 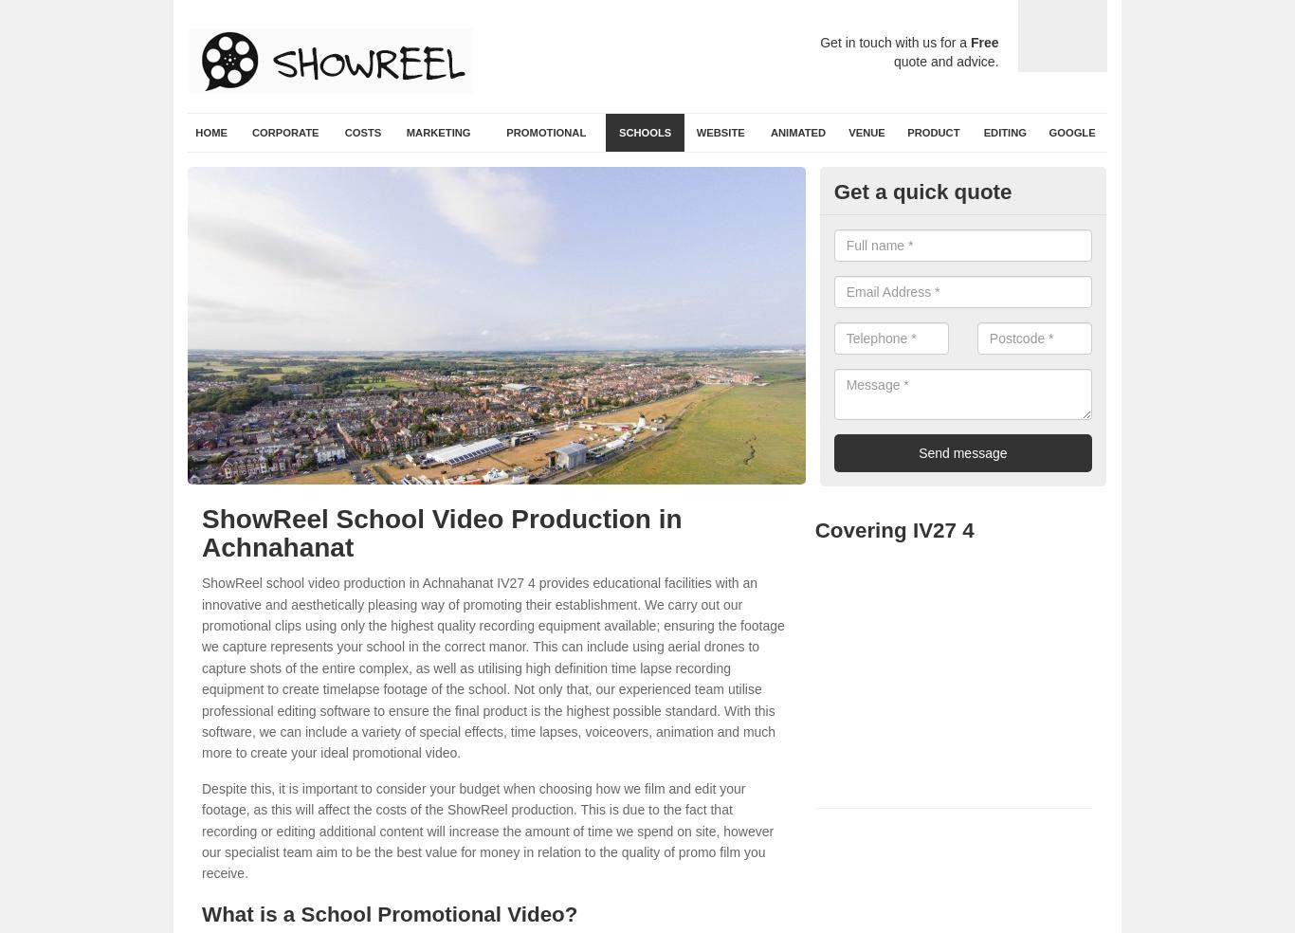 What do you see at coordinates (796, 133) in the screenshot?
I see `'Animated'` at bounding box center [796, 133].